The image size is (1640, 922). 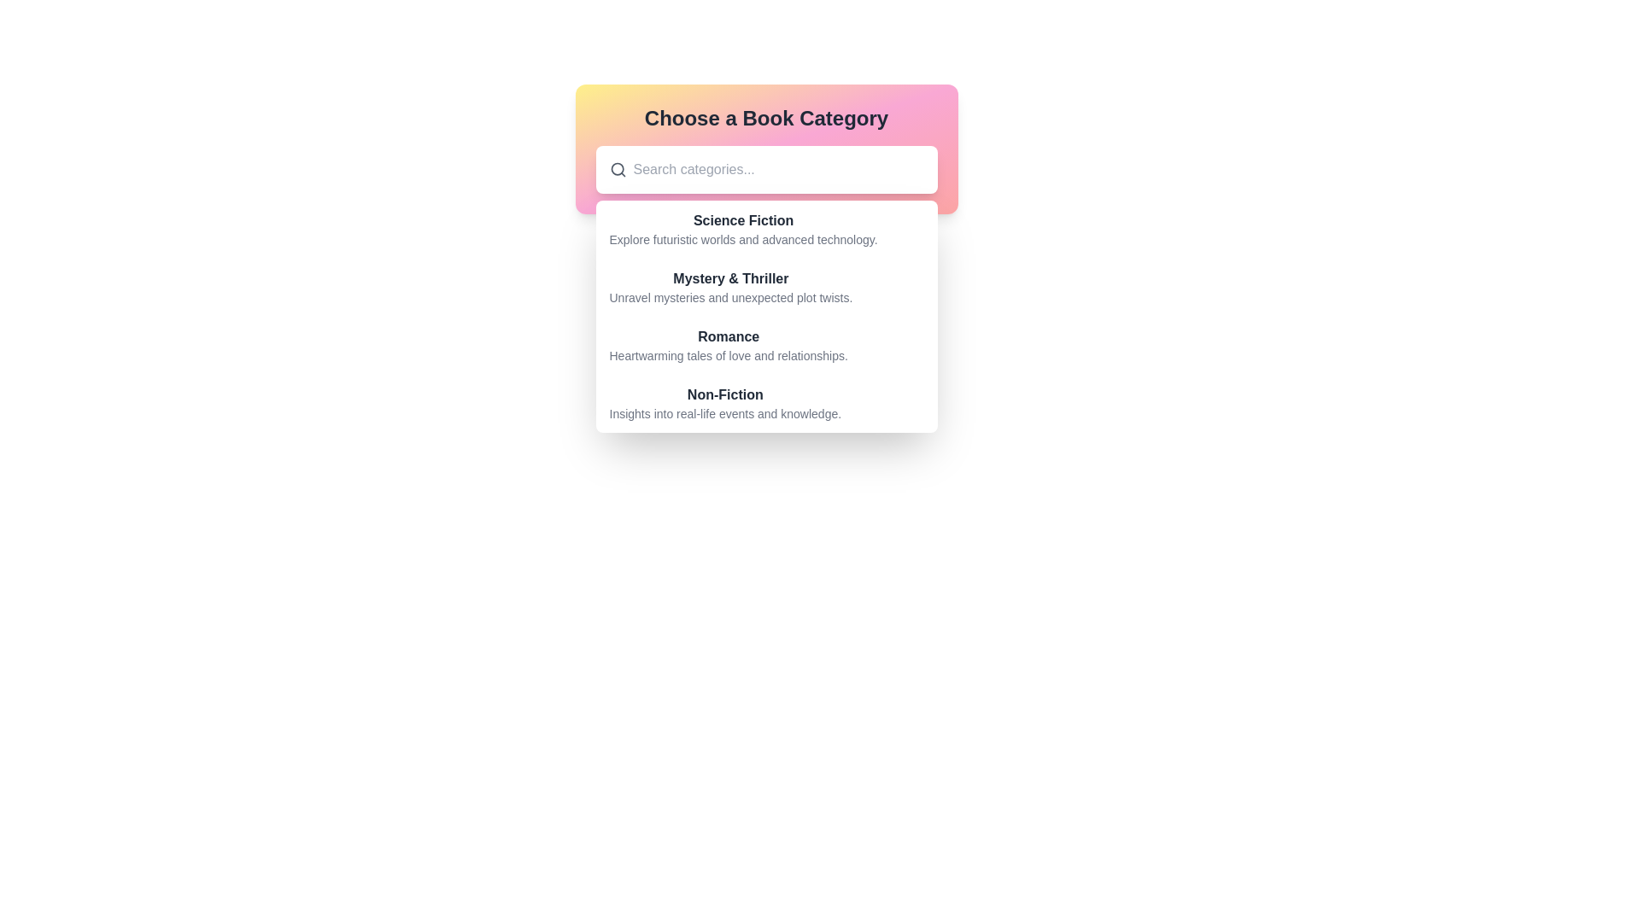 What do you see at coordinates (725, 404) in the screenshot?
I see `the 'Non-Fiction' text link component, which is the fourth entry in the 'Choose a Book Category' list` at bounding box center [725, 404].